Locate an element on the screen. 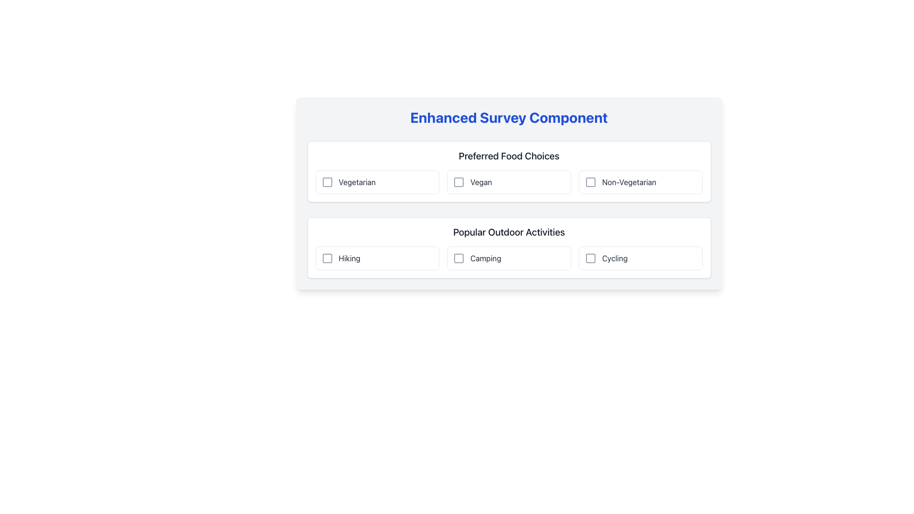 The height and width of the screenshot is (514, 914). the small square icon outlined in a thin gray stroke, which is part of the 'Camping' card in the 'Popular Outdoor Activities' section is located at coordinates (459, 258).